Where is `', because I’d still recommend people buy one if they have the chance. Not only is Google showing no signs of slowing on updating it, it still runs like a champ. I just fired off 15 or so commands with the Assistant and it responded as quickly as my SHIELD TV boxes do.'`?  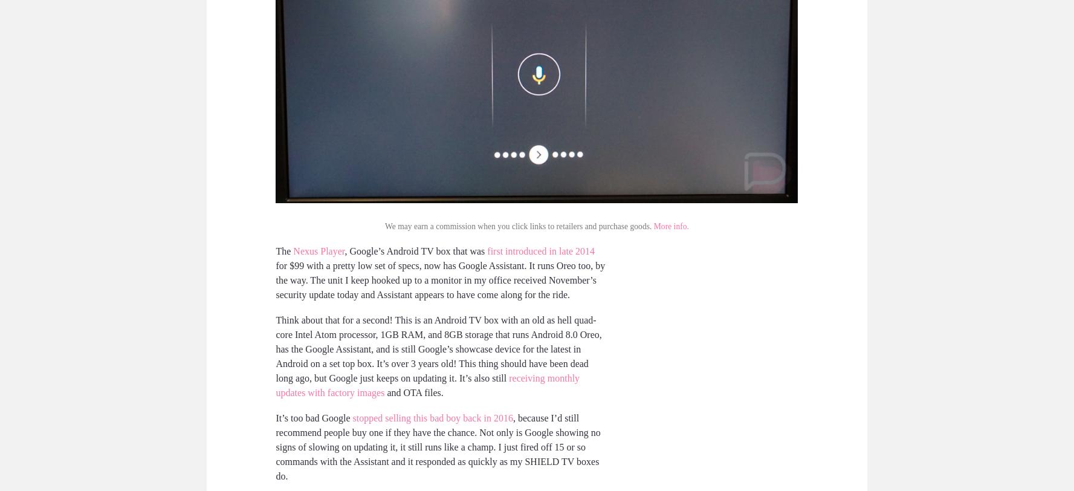 ', because I’d still recommend people buy one if they have the chance. Not only is Google showing no signs of slowing on updating it, it still runs like a champ. I just fired off 15 or so commands with the Assistant and it responded as quickly as my SHIELD TV boxes do.' is located at coordinates (437, 446).